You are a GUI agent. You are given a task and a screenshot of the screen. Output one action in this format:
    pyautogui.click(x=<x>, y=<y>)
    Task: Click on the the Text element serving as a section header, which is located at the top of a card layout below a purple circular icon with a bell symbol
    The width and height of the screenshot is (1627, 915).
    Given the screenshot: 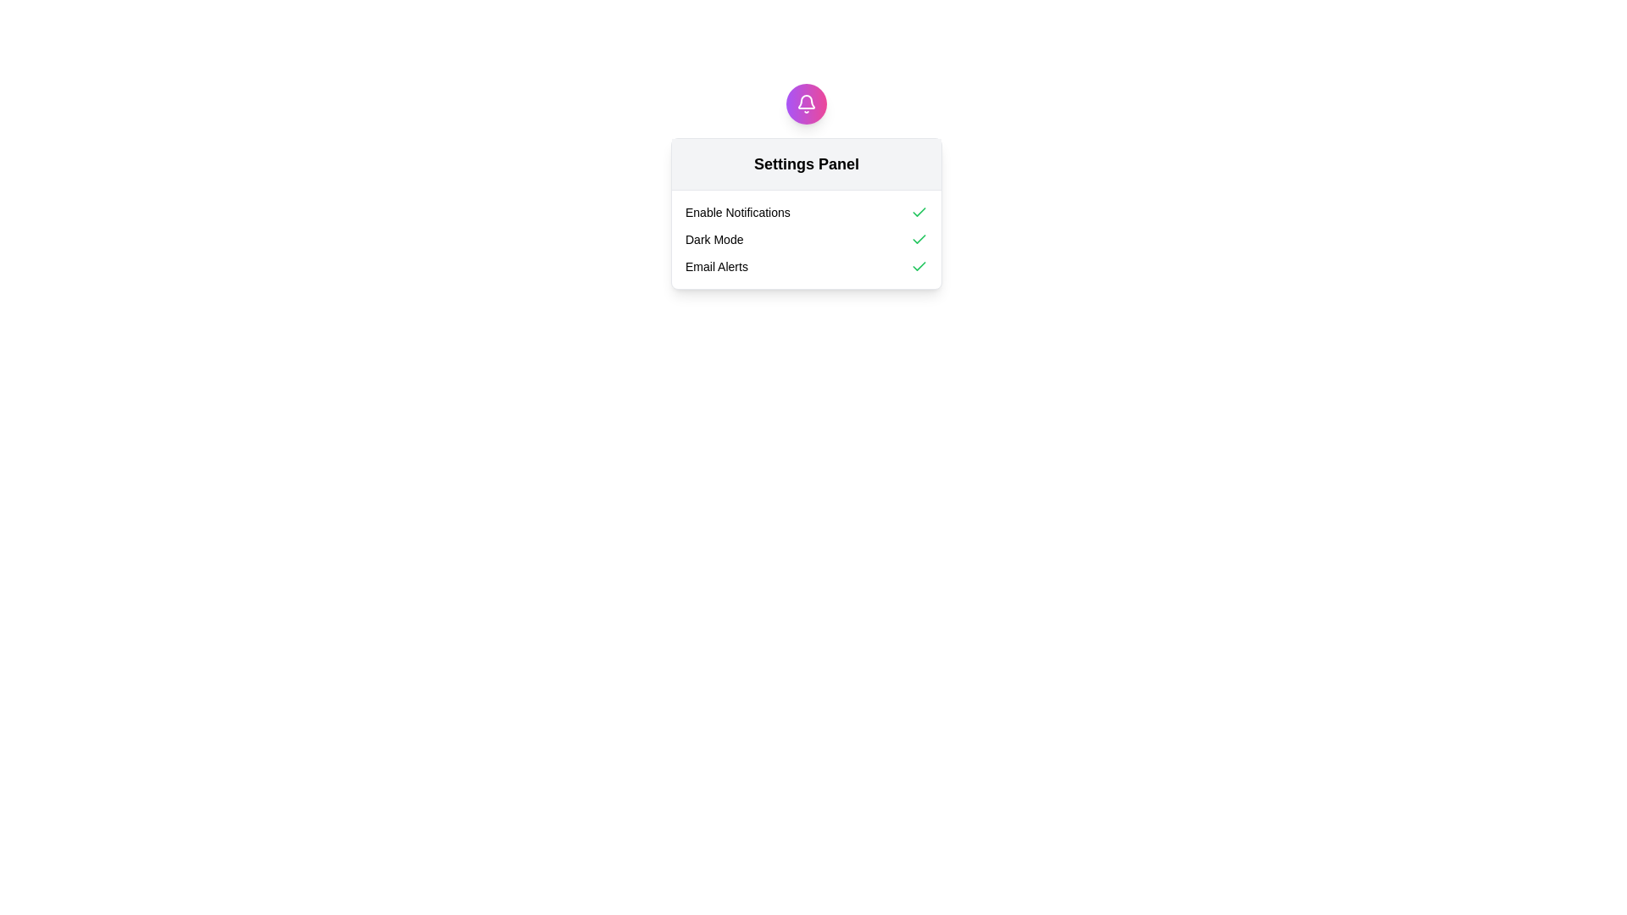 What is the action you would take?
    pyautogui.click(x=805, y=164)
    